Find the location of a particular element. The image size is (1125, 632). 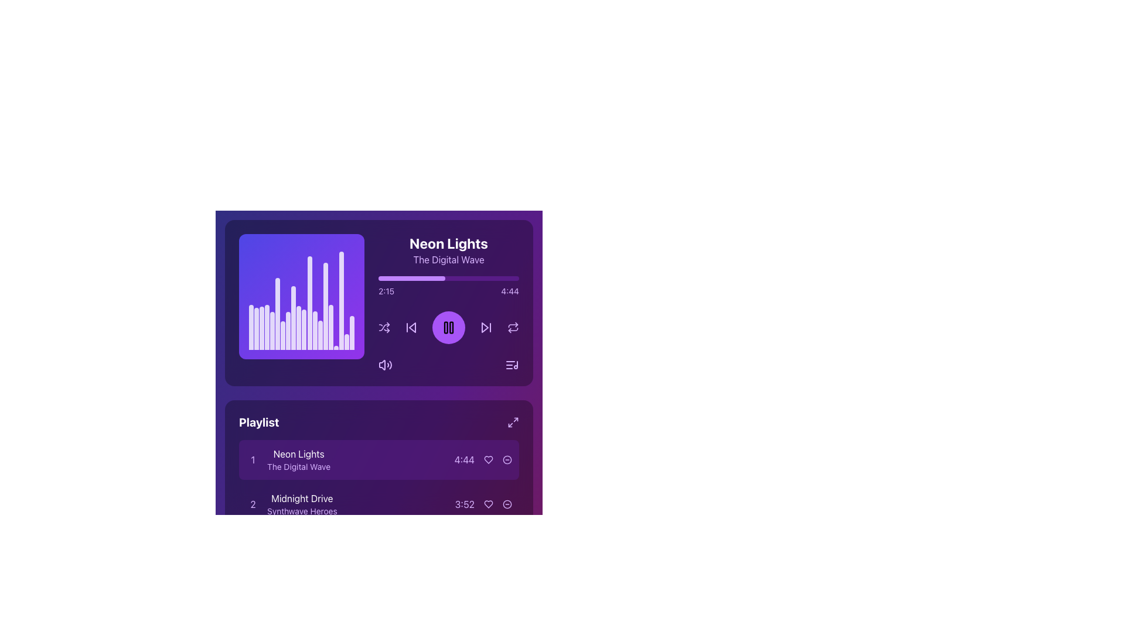

the eighth bar in the audio visualizer component, which visually represents the amplitude of a specific frequency in real-time is located at coordinates (288, 331).